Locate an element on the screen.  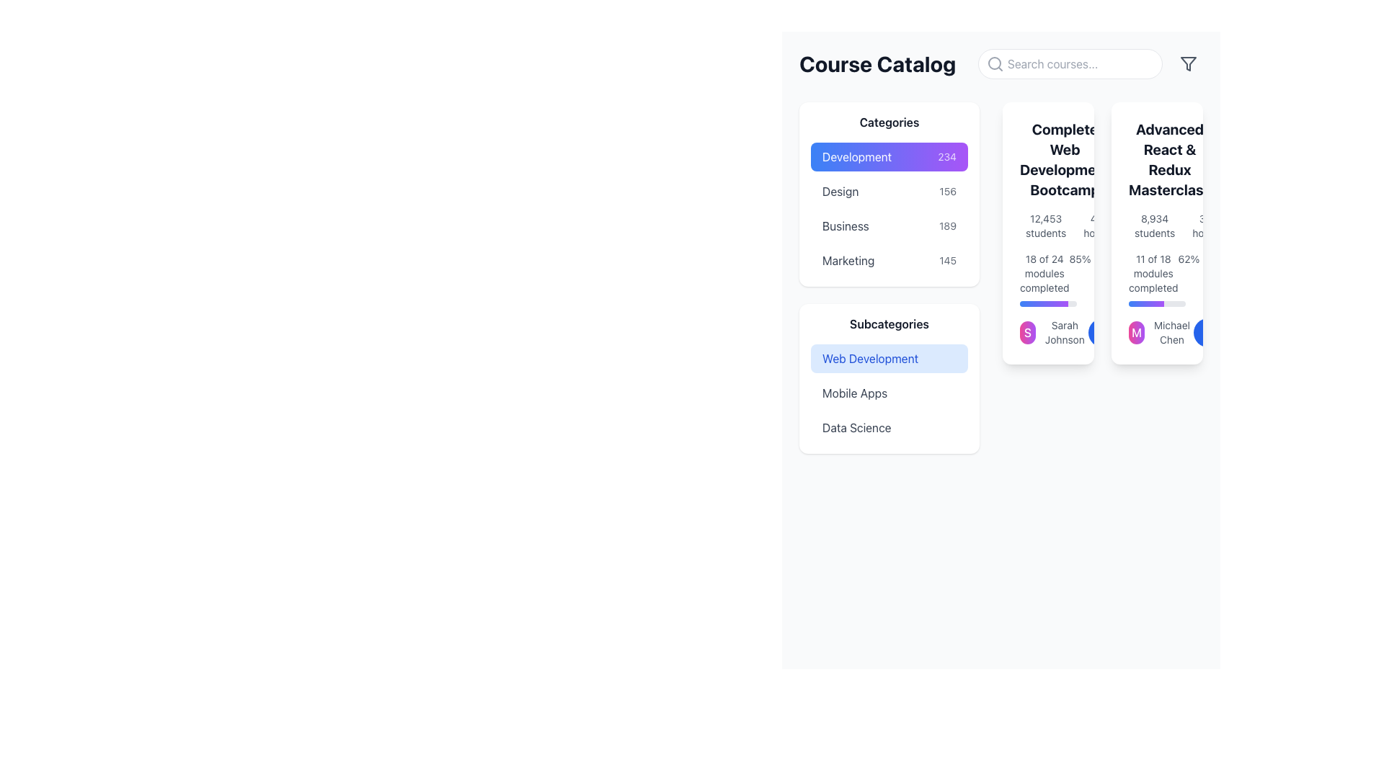
the 'Design' button located in the 'Categories' section, which is the second button below 'Development' and above 'Business' is located at coordinates (888, 191).